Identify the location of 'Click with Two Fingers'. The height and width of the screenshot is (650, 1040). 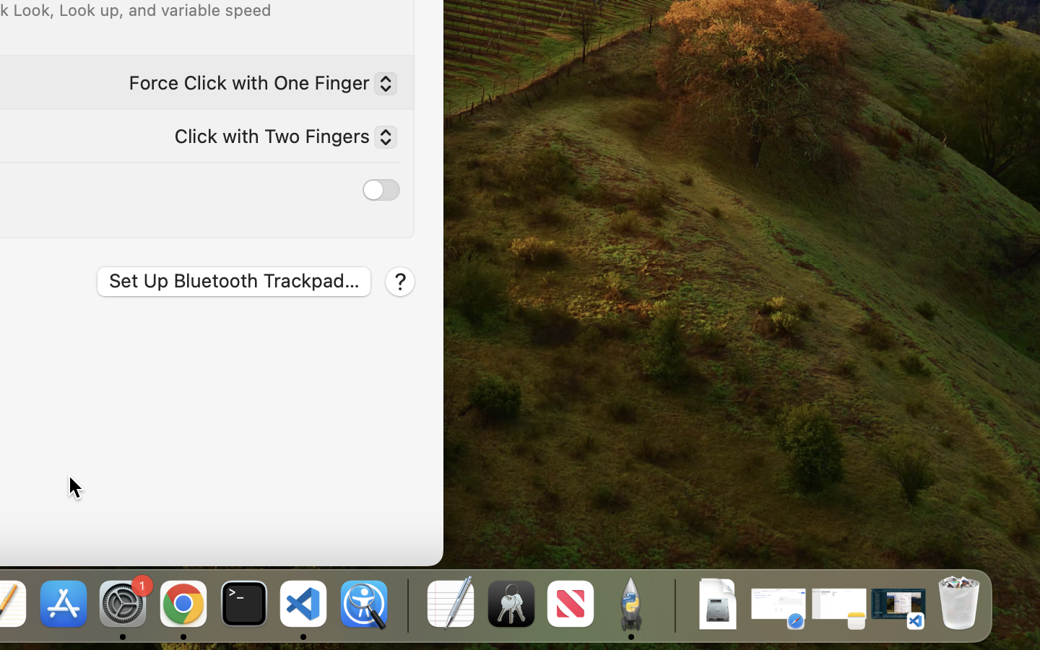
(278, 139).